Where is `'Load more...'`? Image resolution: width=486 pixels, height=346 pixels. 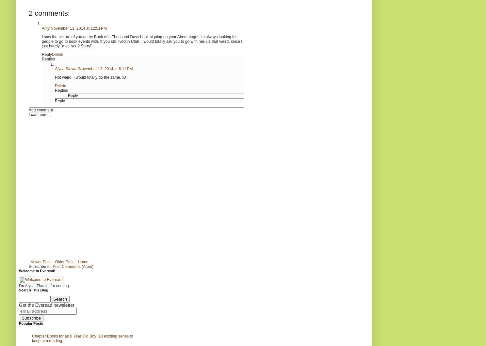 'Load more...' is located at coordinates (39, 114).